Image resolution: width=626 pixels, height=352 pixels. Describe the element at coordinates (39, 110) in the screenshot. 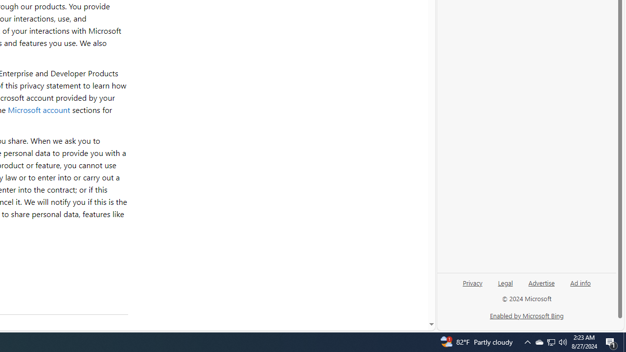

I see `'Microsoft account'` at that location.